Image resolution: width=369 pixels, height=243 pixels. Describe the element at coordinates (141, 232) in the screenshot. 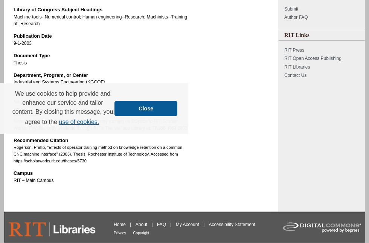

I see `'Copyright'` at that location.